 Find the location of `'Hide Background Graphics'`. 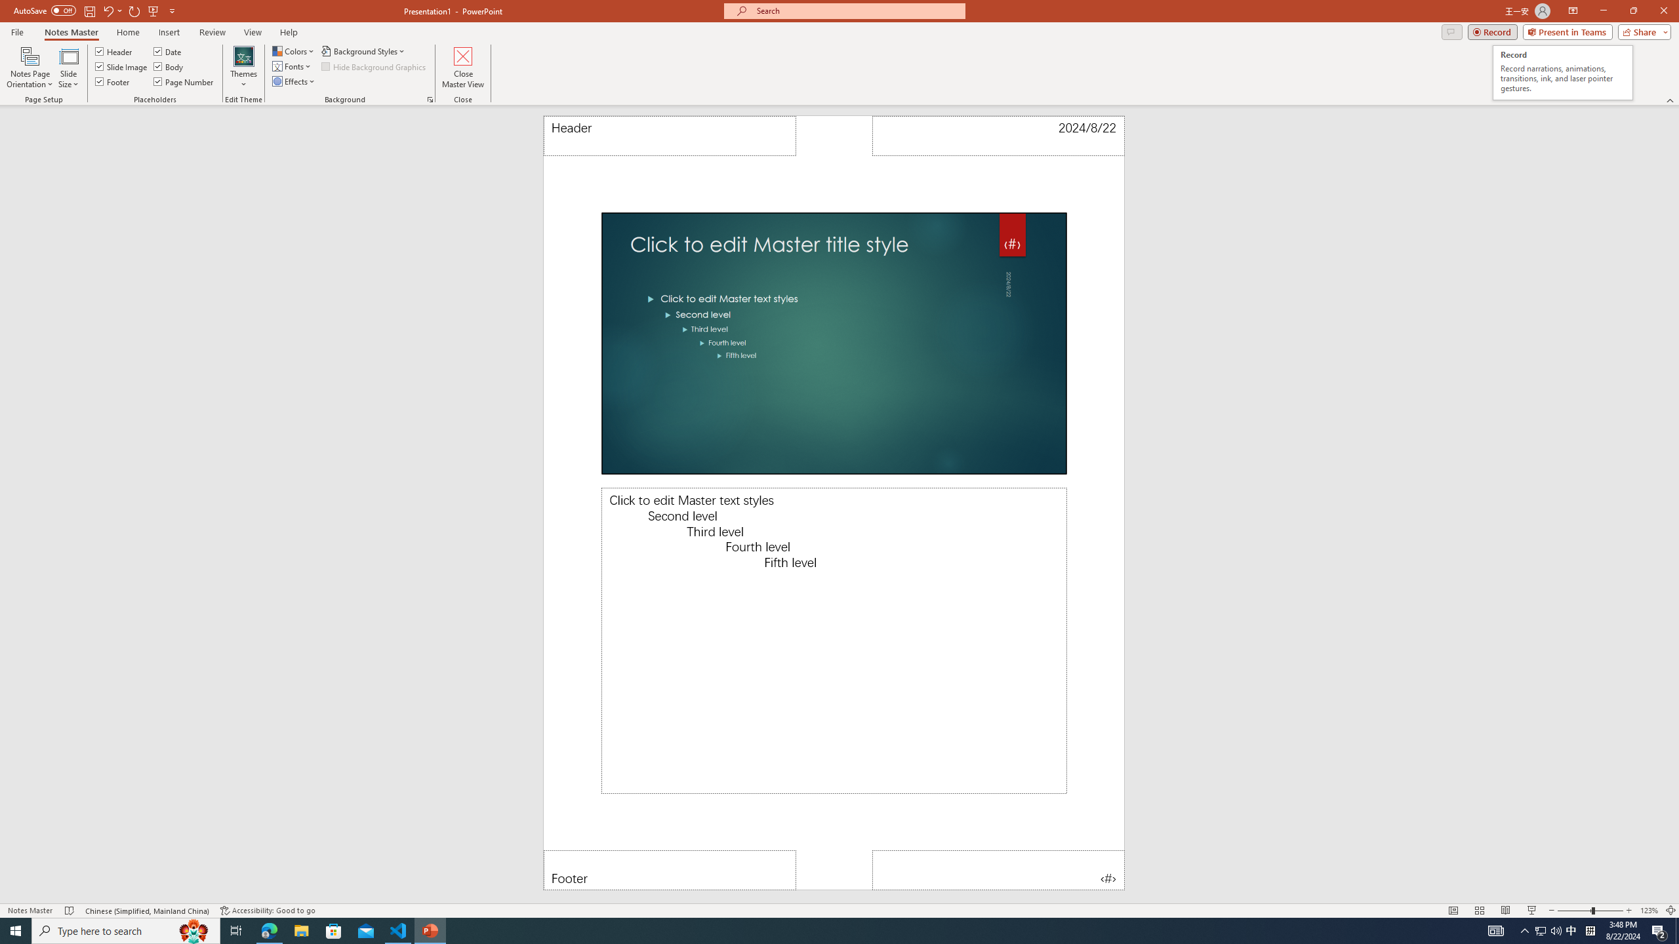

'Hide Background Graphics' is located at coordinates (374, 65).